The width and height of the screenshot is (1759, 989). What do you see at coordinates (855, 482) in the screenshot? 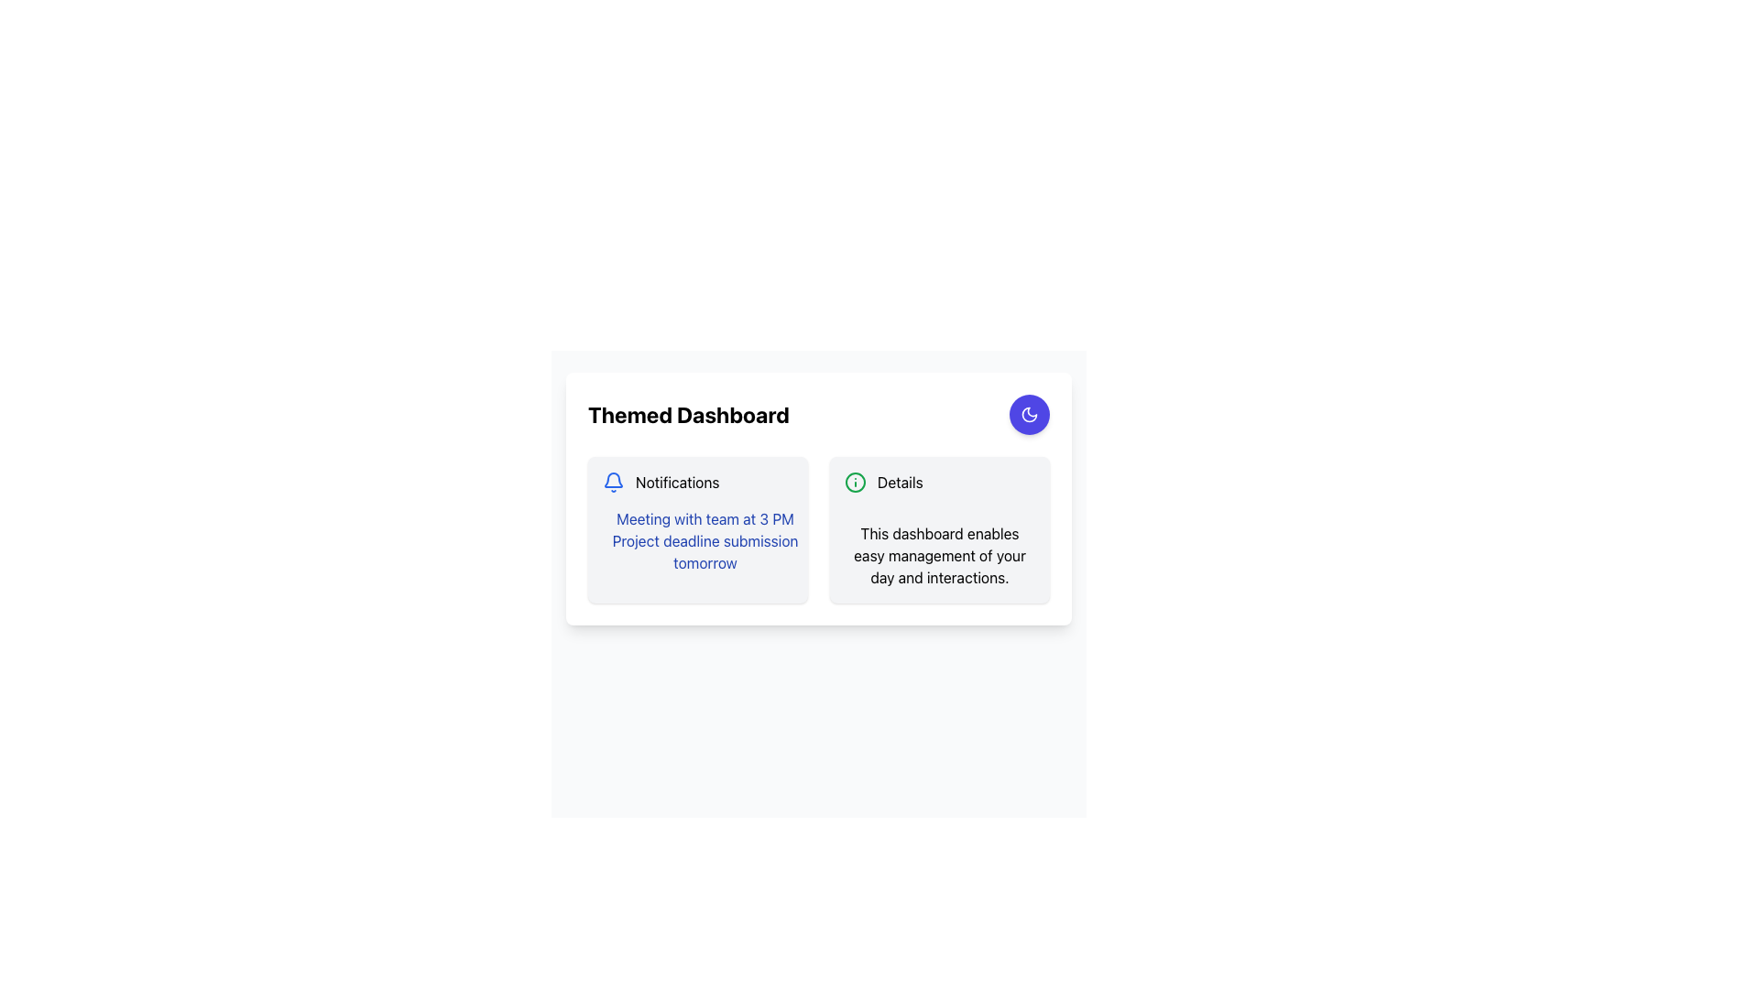
I see `the icon associated with the 'Details' section, which is visually aligned to the left of the 'Details' text in the right-side box of the layout` at bounding box center [855, 482].